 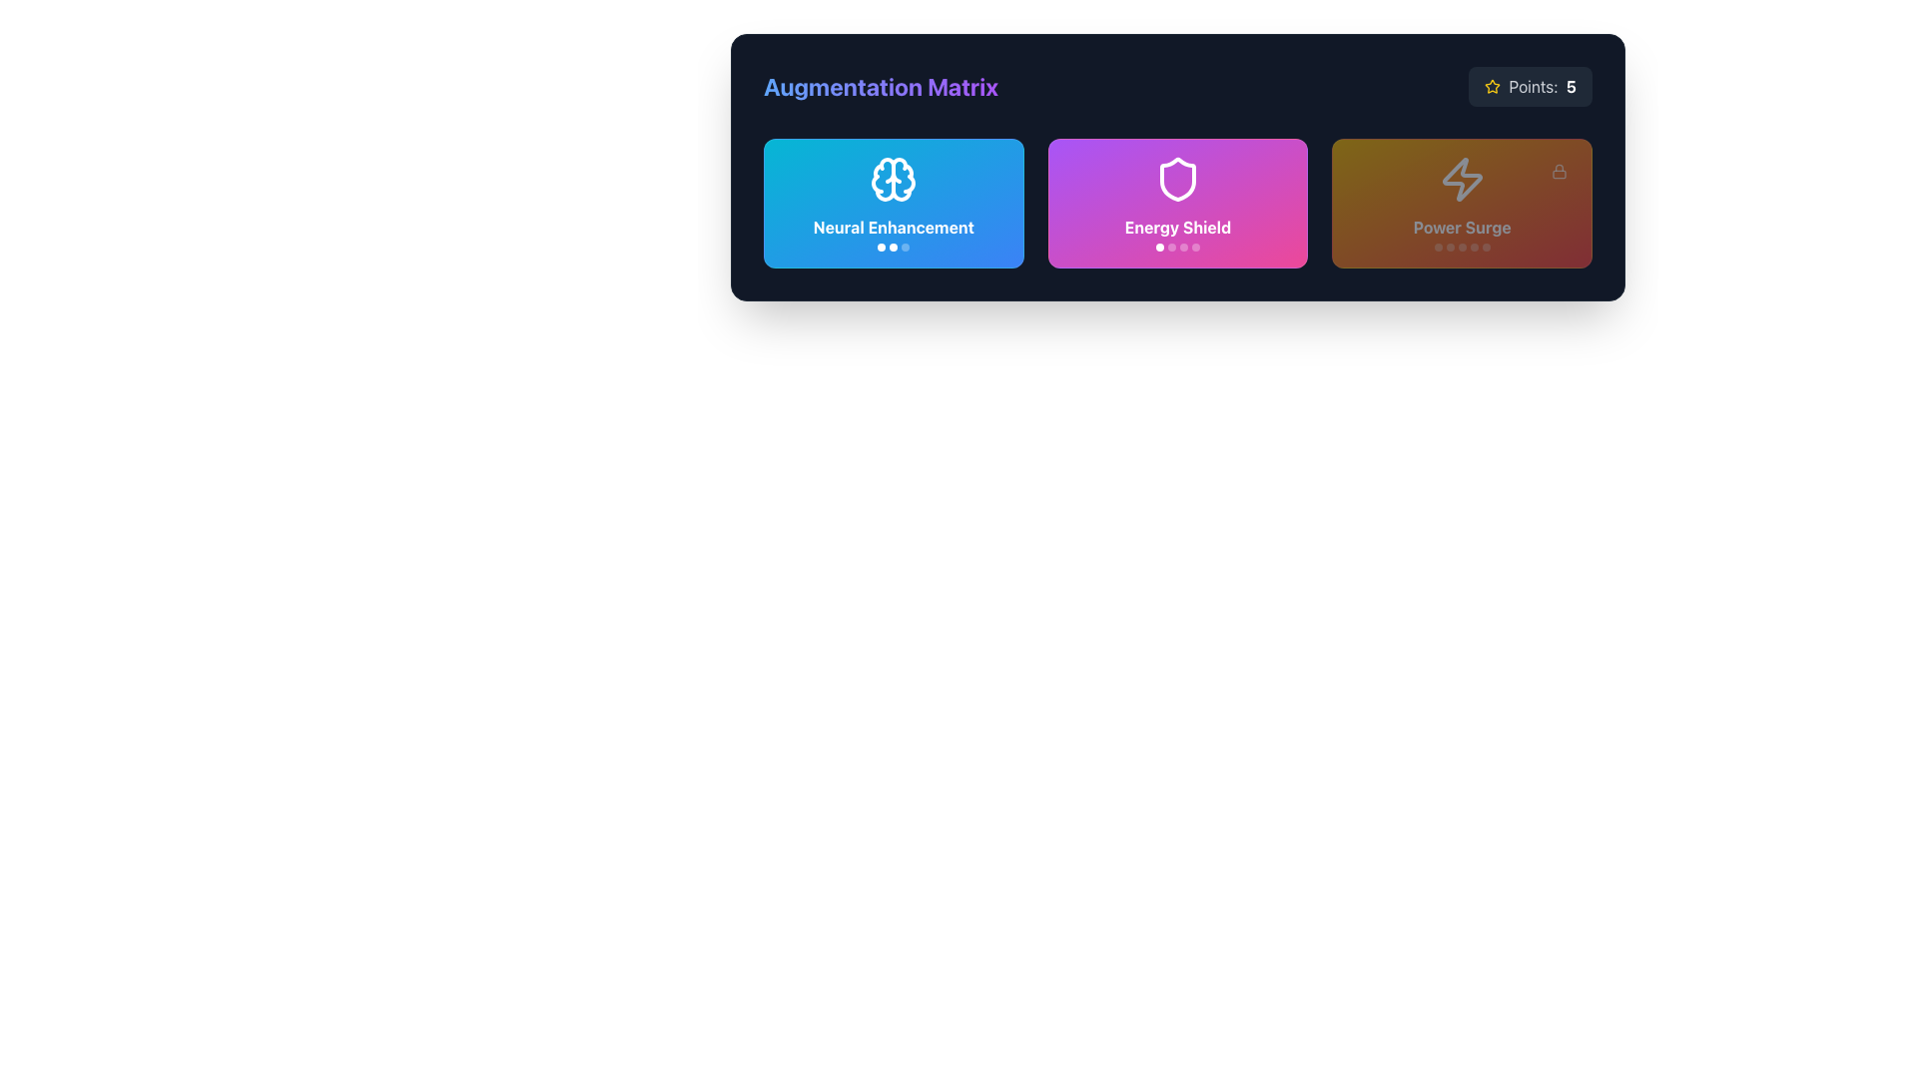 I want to click on the 'Energy Shield' card, which is the second card in a horizontal grid of three cards within the 'Augmentation Matrix', so click(x=1178, y=167).